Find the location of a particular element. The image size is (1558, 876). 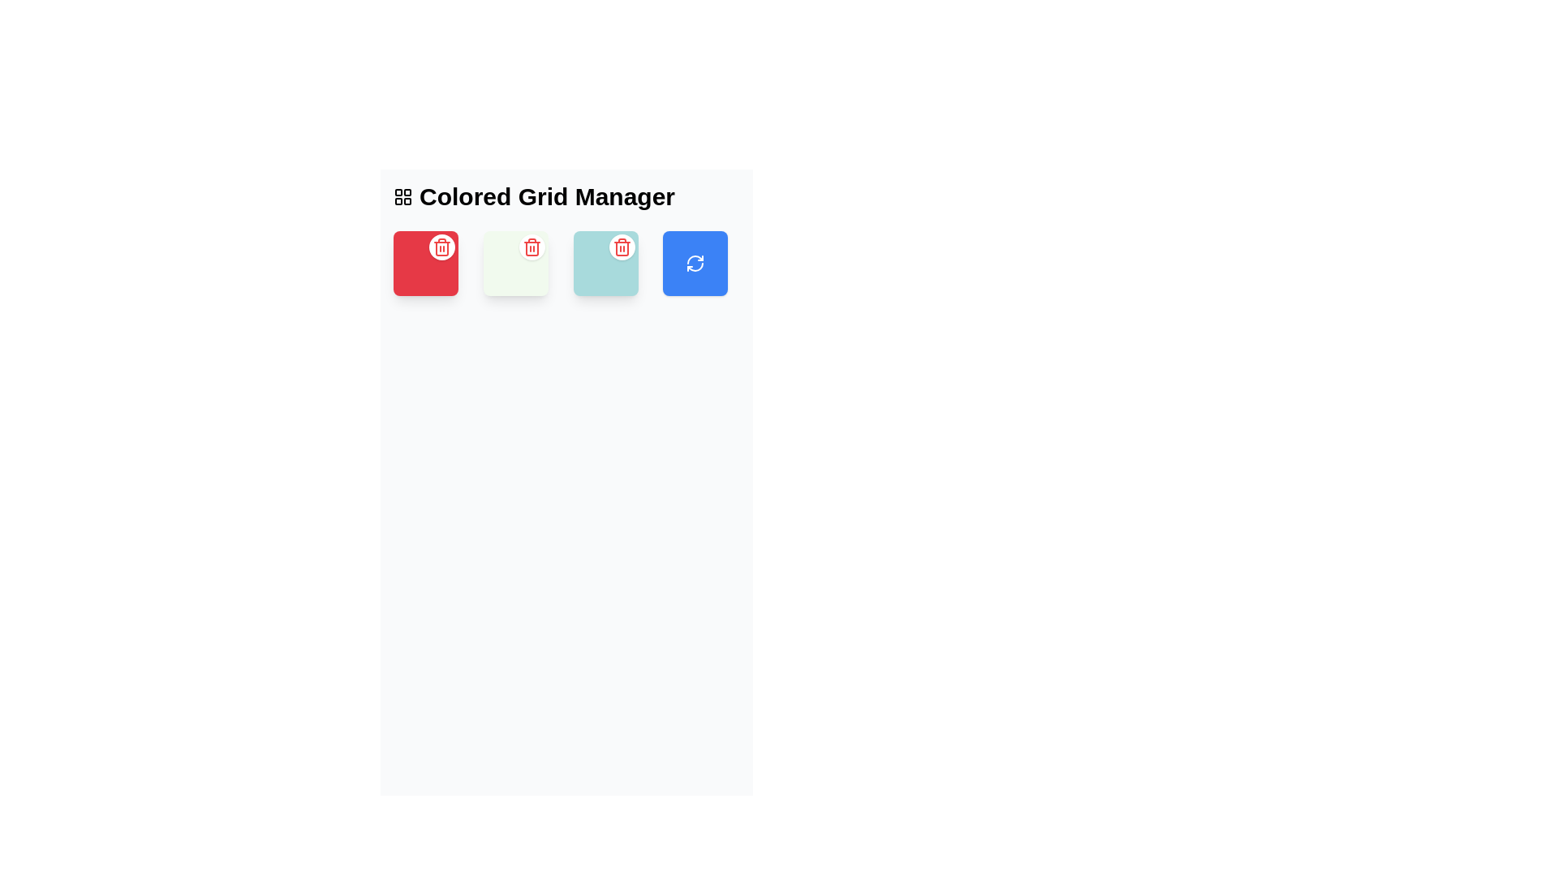

the delete icon button located at the top-right corner of the third grid item with a cyan background is located at coordinates (621, 247).